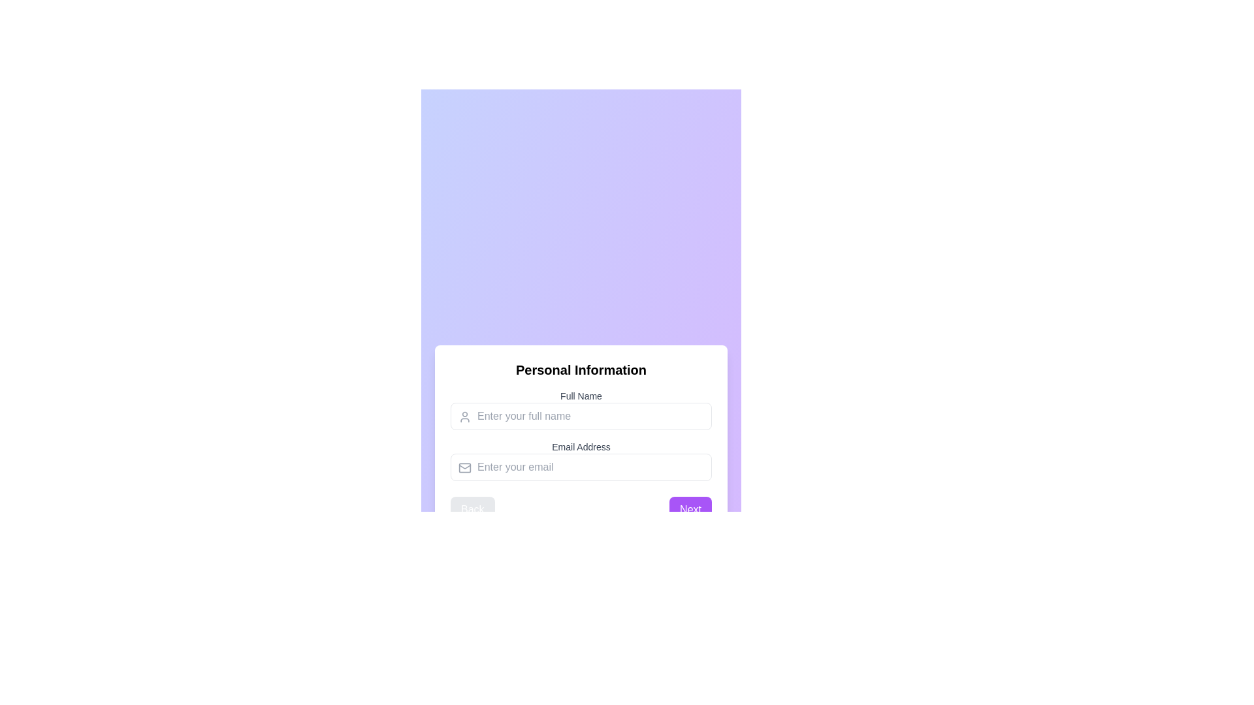 Image resolution: width=1254 pixels, height=705 pixels. What do you see at coordinates (580, 420) in the screenshot?
I see `keyboard navigation` at bounding box center [580, 420].